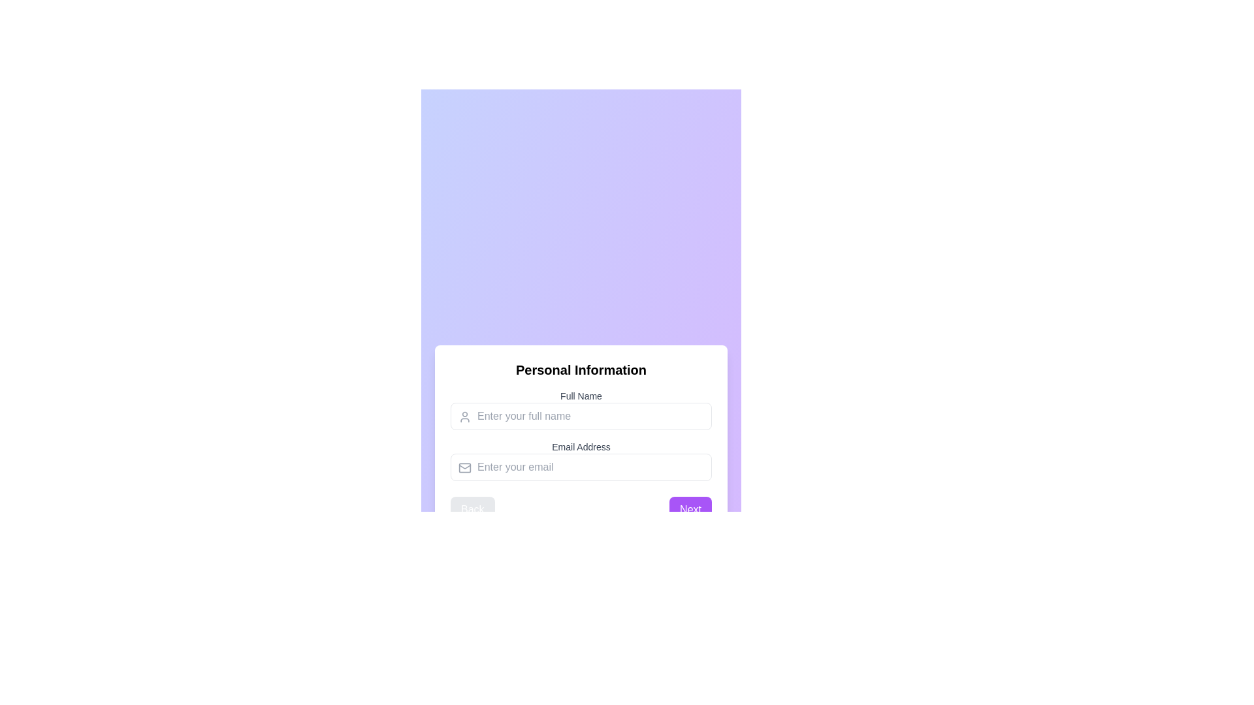 Image resolution: width=1254 pixels, height=705 pixels. What do you see at coordinates (580, 420) in the screenshot?
I see `keyboard navigation` at bounding box center [580, 420].